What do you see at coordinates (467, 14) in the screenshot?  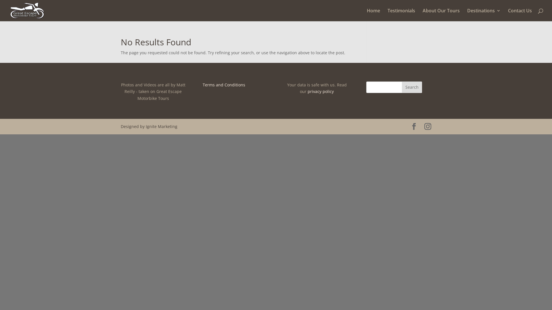 I see `'Destinations'` at bounding box center [467, 14].